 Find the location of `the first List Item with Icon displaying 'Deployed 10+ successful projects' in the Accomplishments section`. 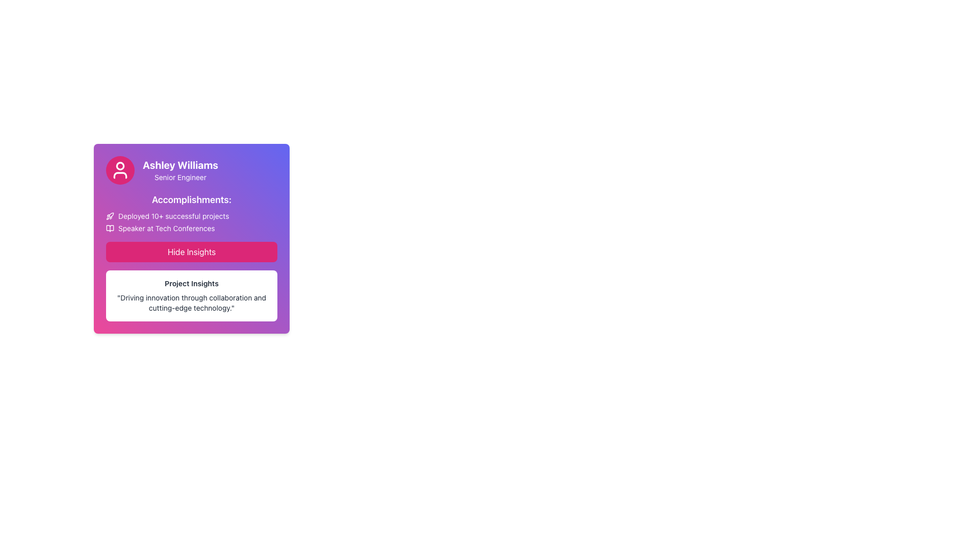

the first List Item with Icon displaying 'Deployed 10+ successful projects' in the Accomplishments section is located at coordinates (191, 216).